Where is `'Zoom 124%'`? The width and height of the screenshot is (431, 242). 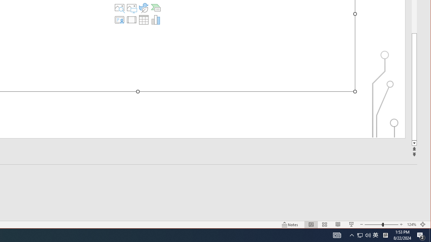
'Zoom 124%' is located at coordinates (411, 225).